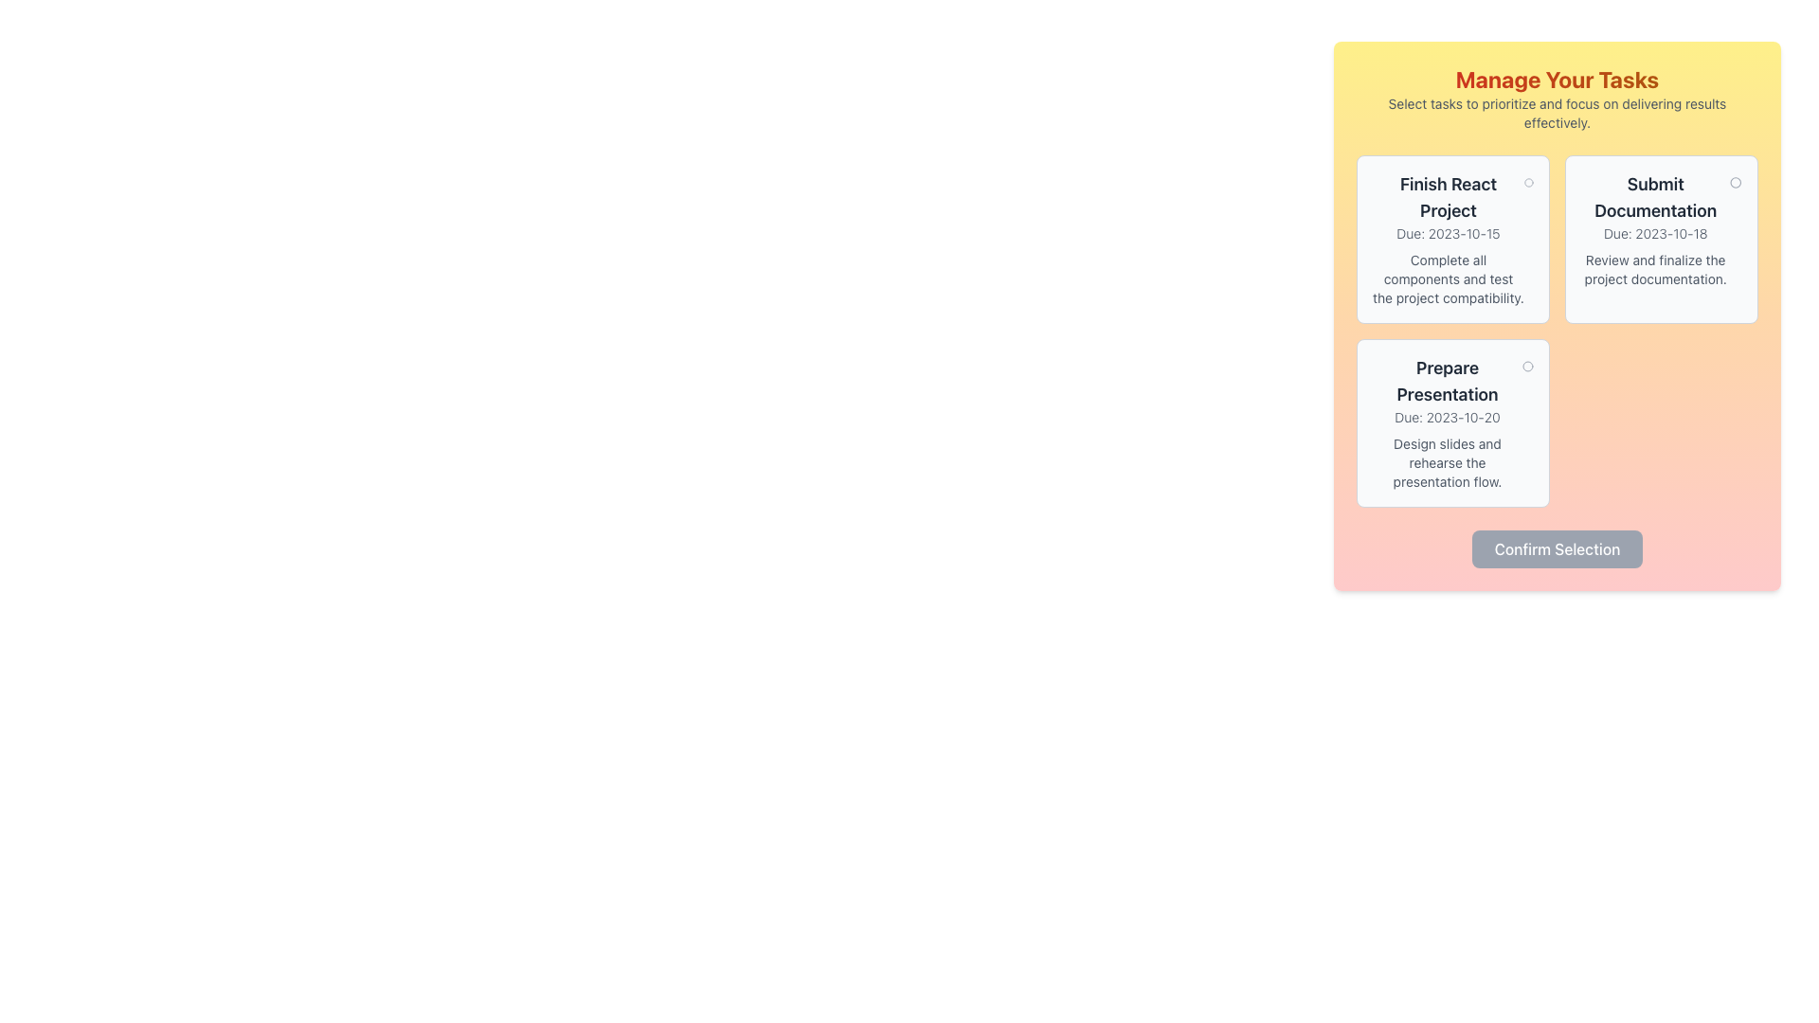  What do you see at coordinates (1654, 232) in the screenshot?
I see `text label displaying 'Due: 2023-10-18', which is located beneath the heading 'Submit Documentation' in the upper-right corner of the card layout` at bounding box center [1654, 232].